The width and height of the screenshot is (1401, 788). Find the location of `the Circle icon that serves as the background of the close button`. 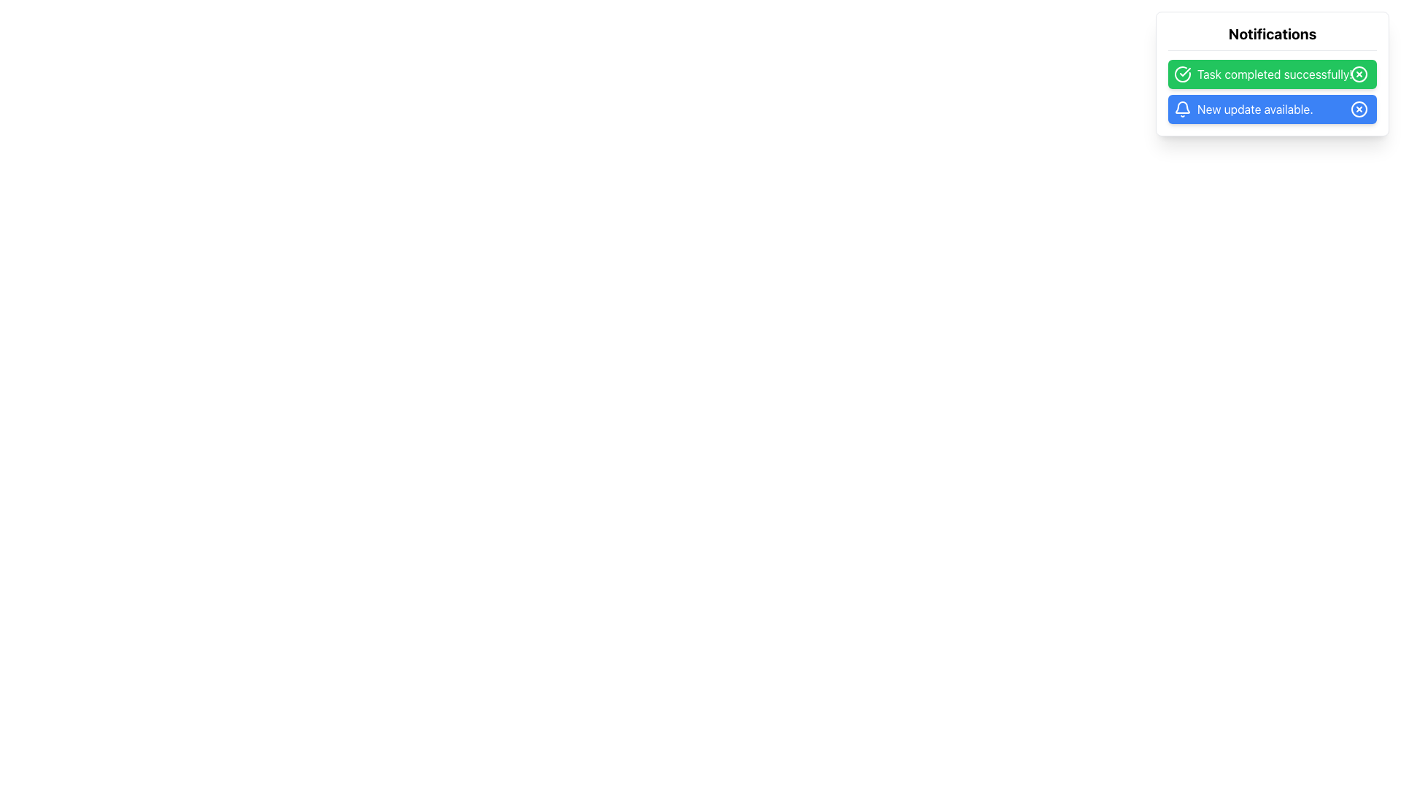

the Circle icon that serves as the background of the close button is located at coordinates (1358, 74).